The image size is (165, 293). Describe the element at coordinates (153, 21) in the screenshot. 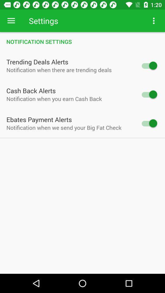

I see `item to the right of settings item` at that location.